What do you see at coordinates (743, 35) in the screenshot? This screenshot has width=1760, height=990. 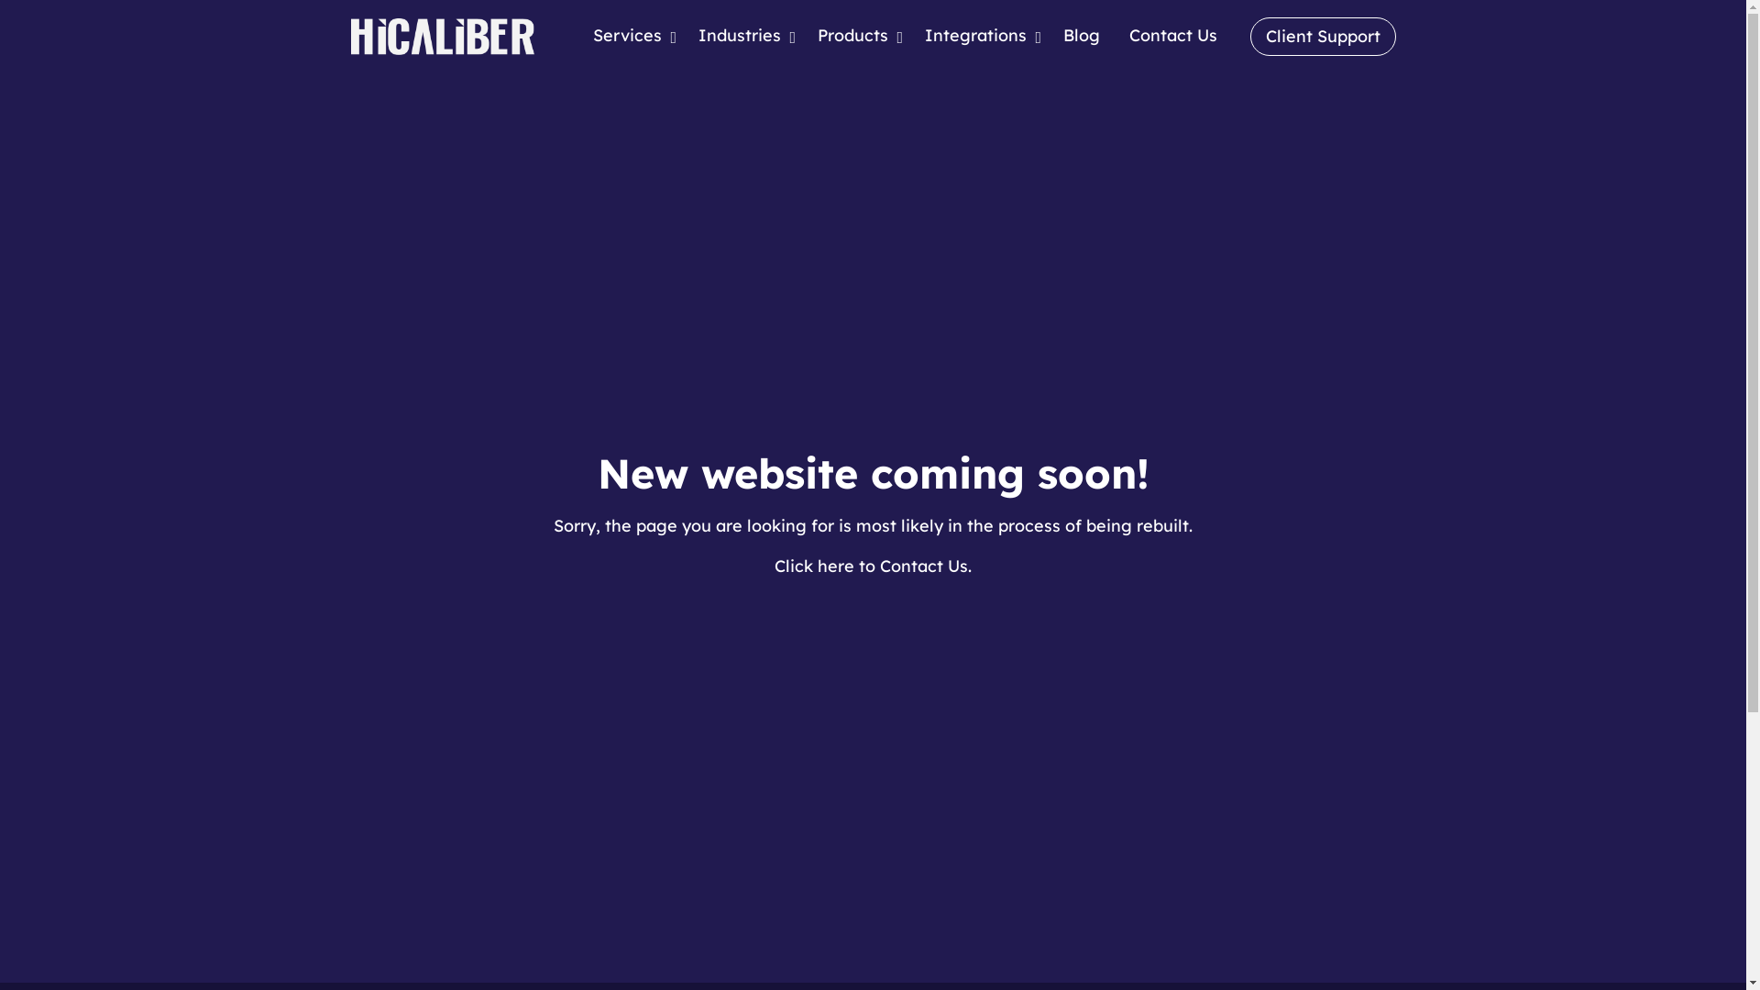 I see `'Industries'` at bounding box center [743, 35].